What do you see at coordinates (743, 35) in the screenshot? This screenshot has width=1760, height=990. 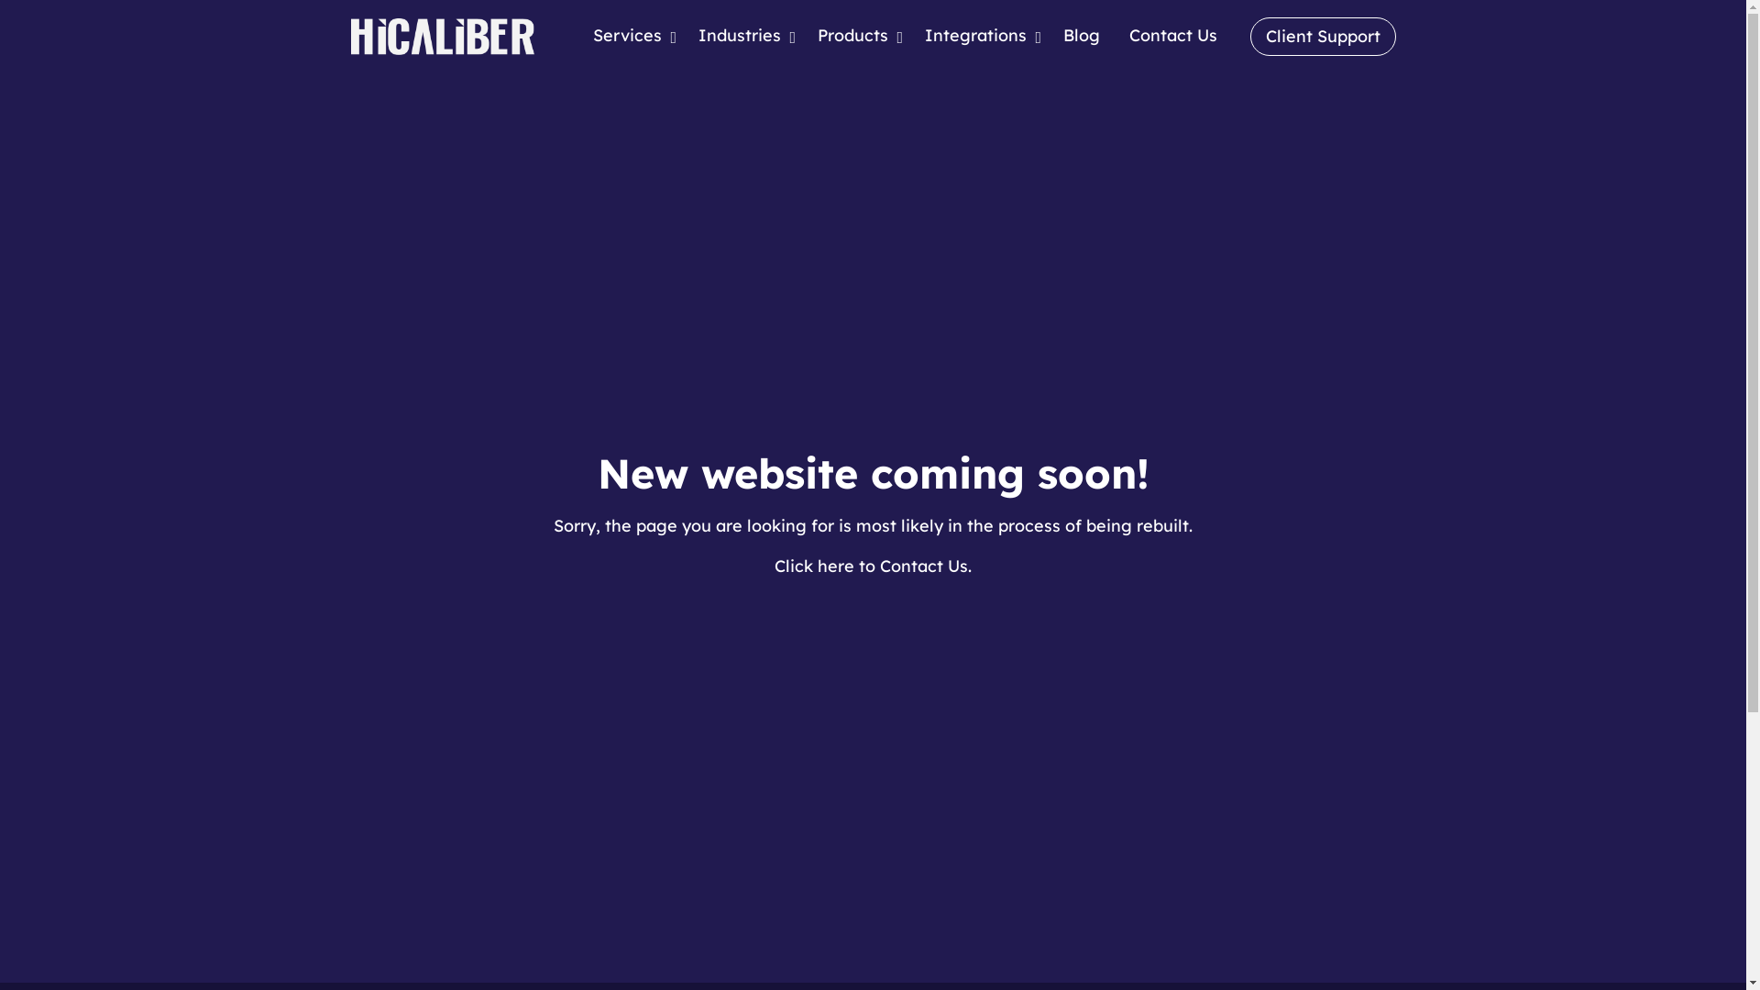 I see `'Industries'` at bounding box center [743, 35].